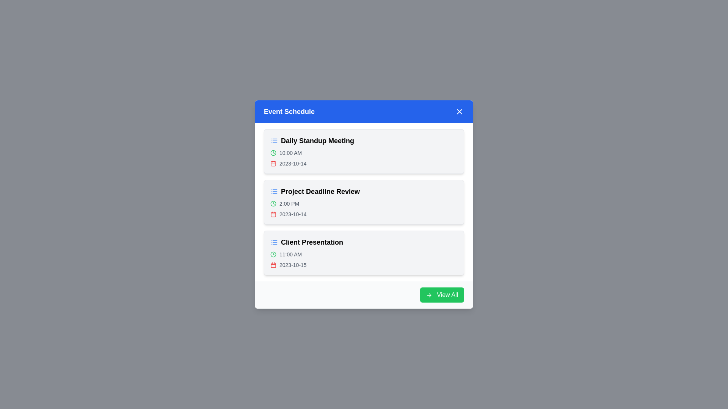 Image resolution: width=728 pixels, height=409 pixels. What do you see at coordinates (273, 264) in the screenshot?
I see `the red calendar icon with a square body and rounded corners, located next to the date '2023-10-15' in the event schedule list` at bounding box center [273, 264].